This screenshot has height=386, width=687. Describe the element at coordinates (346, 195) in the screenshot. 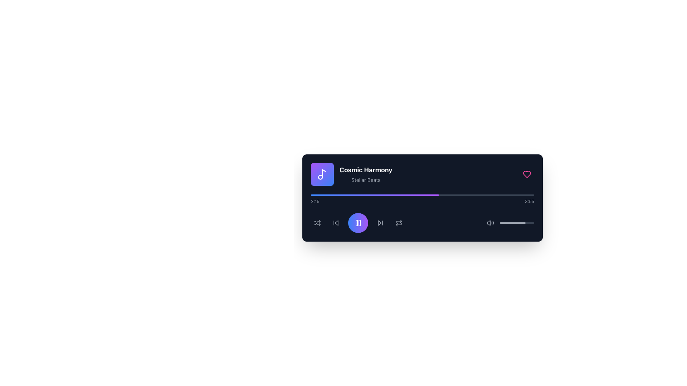

I see `the current playback position` at that location.